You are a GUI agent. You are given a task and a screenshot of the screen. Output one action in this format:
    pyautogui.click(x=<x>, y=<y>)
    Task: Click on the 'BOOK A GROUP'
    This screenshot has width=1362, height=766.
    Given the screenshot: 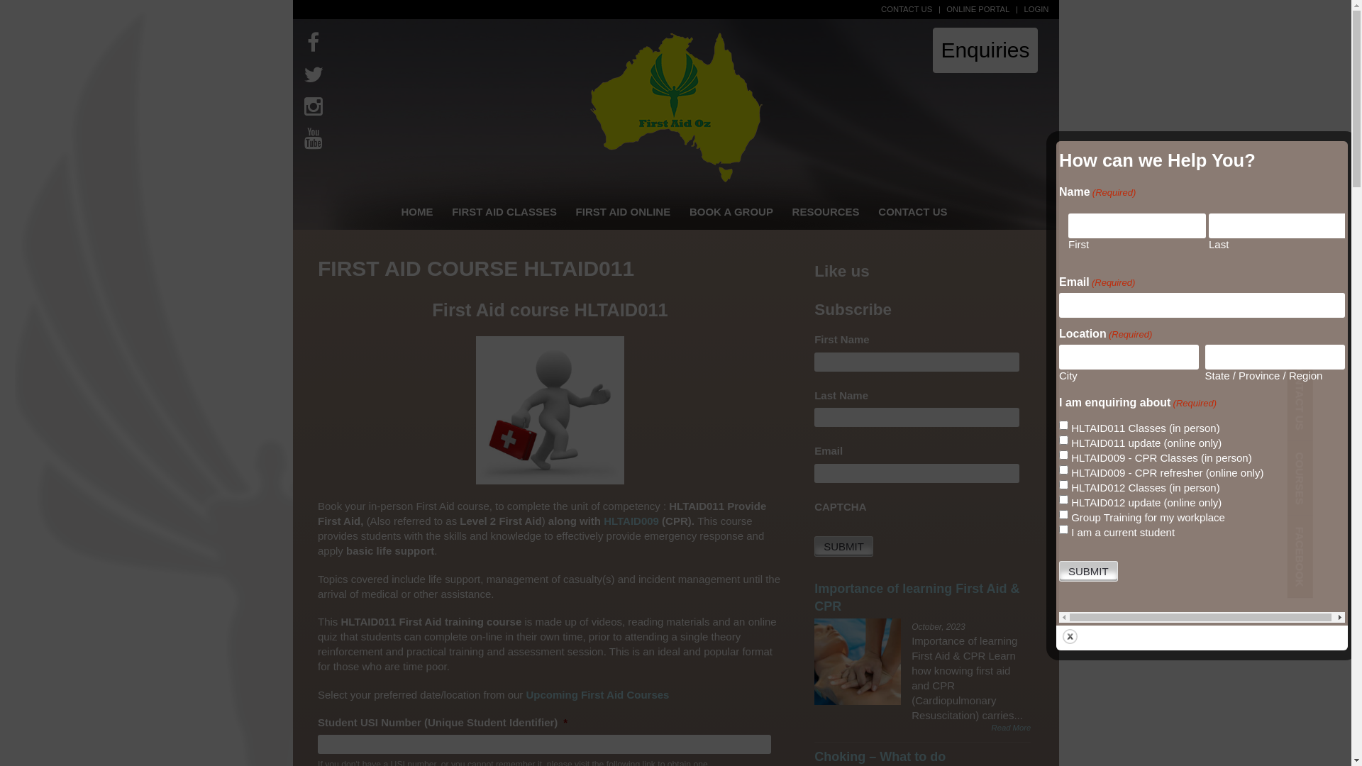 What is the action you would take?
    pyautogui.click(x=731, y=211)
    